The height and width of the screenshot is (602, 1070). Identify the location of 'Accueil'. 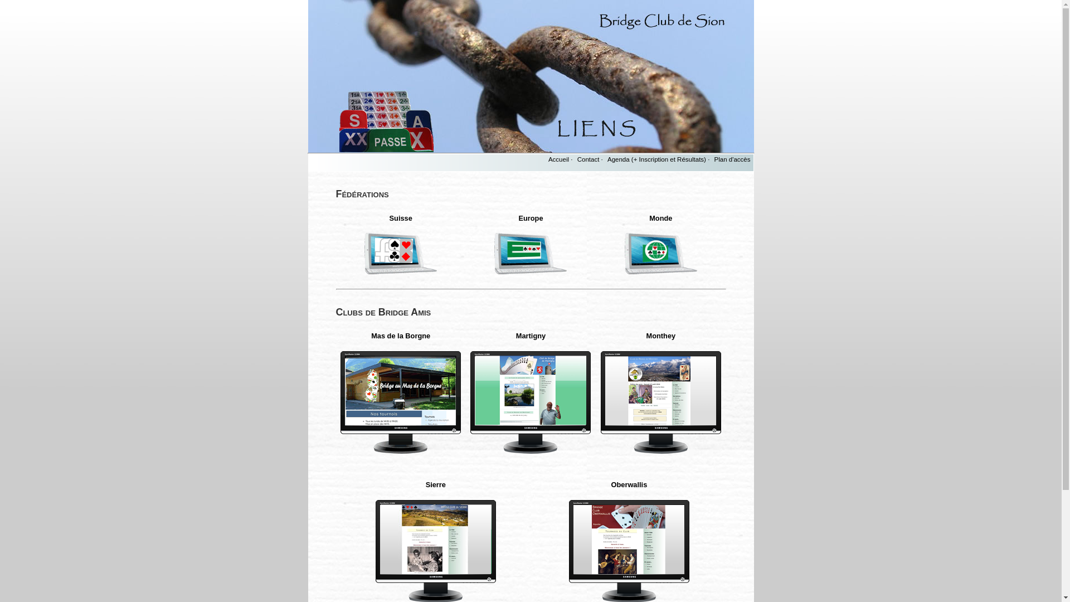
(558, 159).